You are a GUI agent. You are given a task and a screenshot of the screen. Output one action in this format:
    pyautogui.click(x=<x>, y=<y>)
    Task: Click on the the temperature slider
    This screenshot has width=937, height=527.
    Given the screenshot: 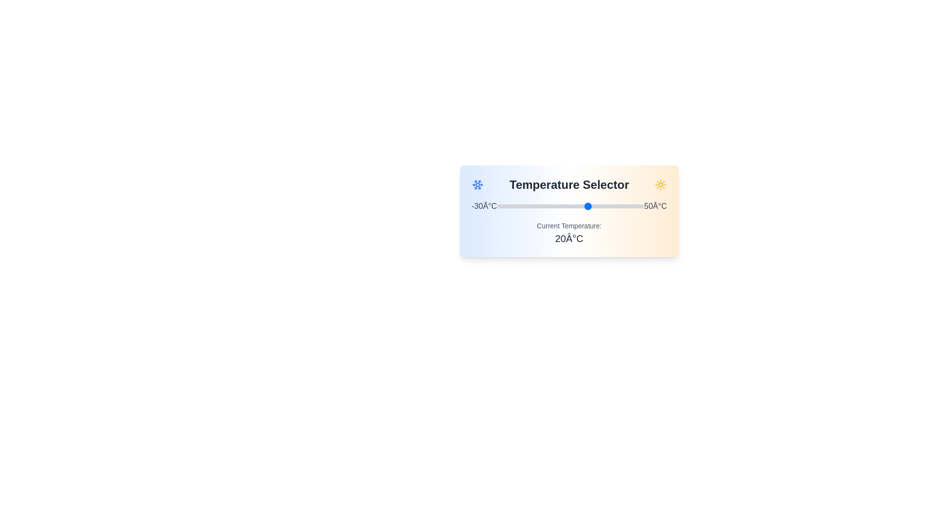 What is the action you would take?
    pyautogui.click(x=550, y=206)
    